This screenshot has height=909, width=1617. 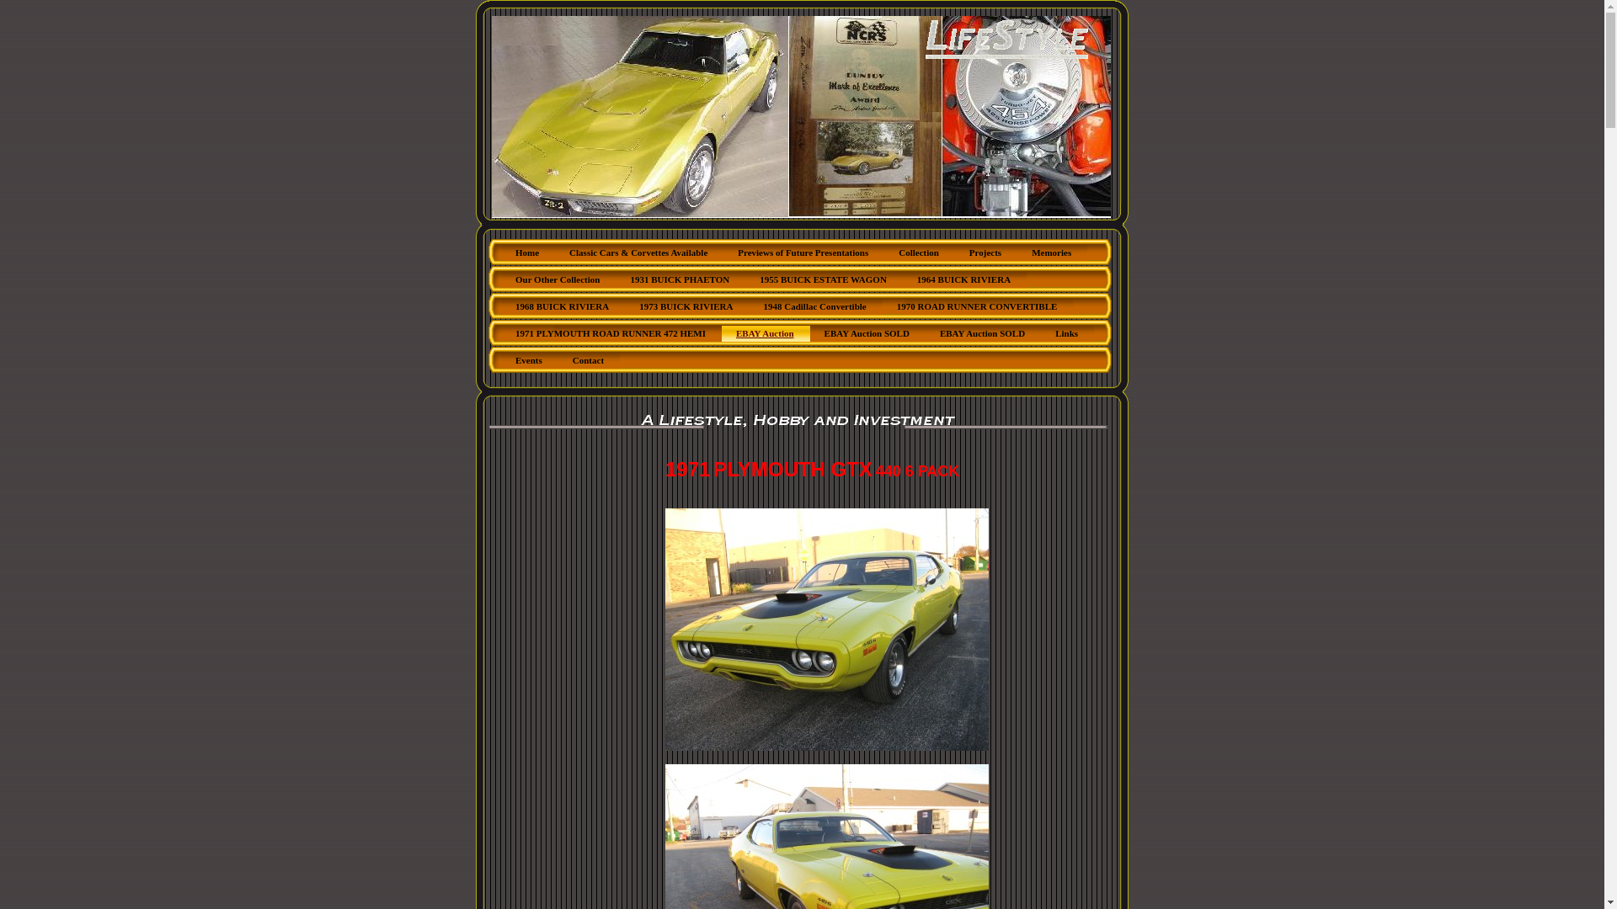 What do you see at coordinates (867, 334) in the screenshot?
I see `'EBAY Auction SOLD'` at bounding box center [867, 334].